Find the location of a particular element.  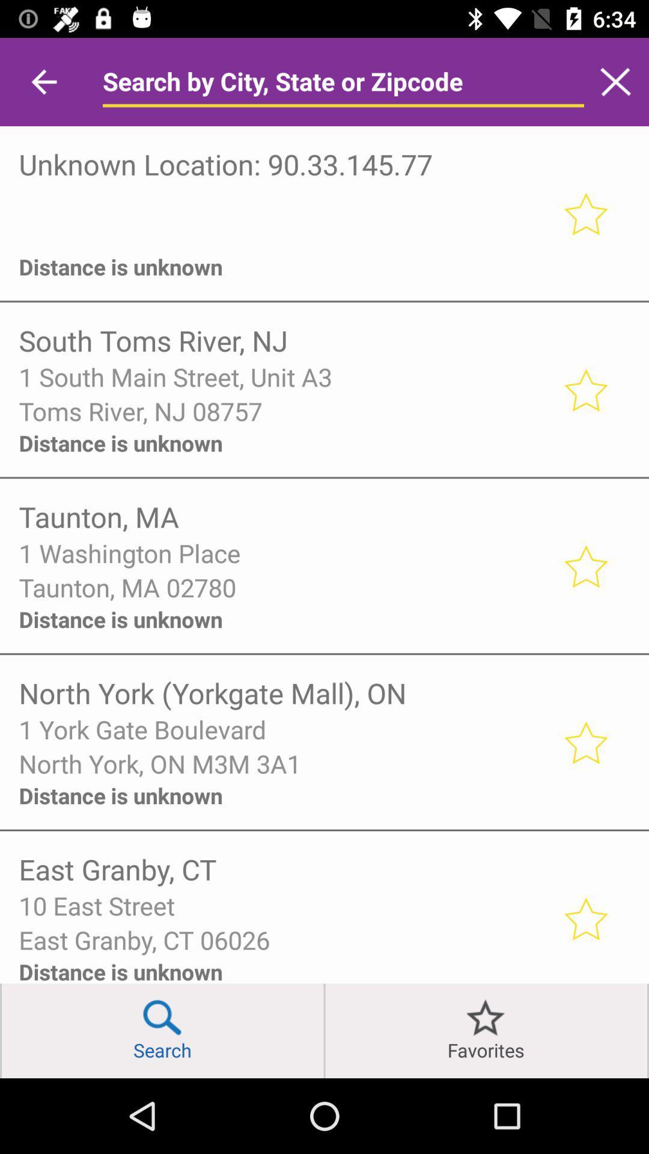

favorites icon is located at coordinates (486, 1030).